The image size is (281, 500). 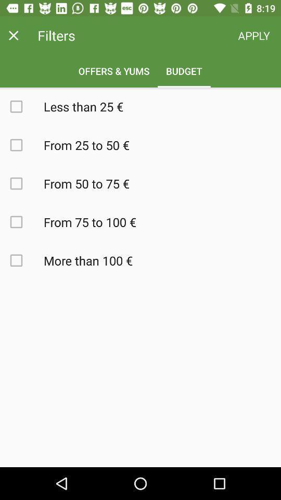 What do you see at coordinates (22, 106) in the screenshot?
I see `less than 25 euros` at bounding box center [22, 106].